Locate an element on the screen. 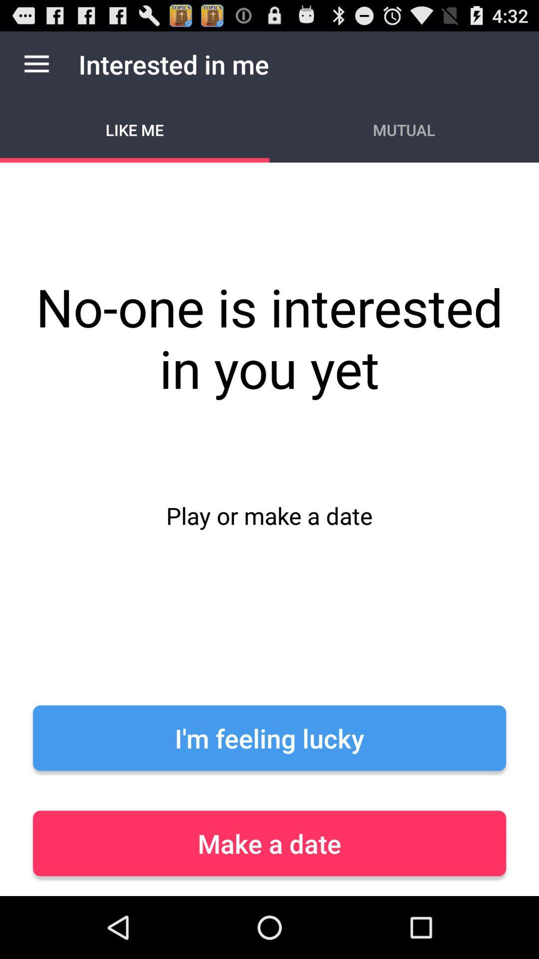  i m feeling is located at coordinates (269, 738).